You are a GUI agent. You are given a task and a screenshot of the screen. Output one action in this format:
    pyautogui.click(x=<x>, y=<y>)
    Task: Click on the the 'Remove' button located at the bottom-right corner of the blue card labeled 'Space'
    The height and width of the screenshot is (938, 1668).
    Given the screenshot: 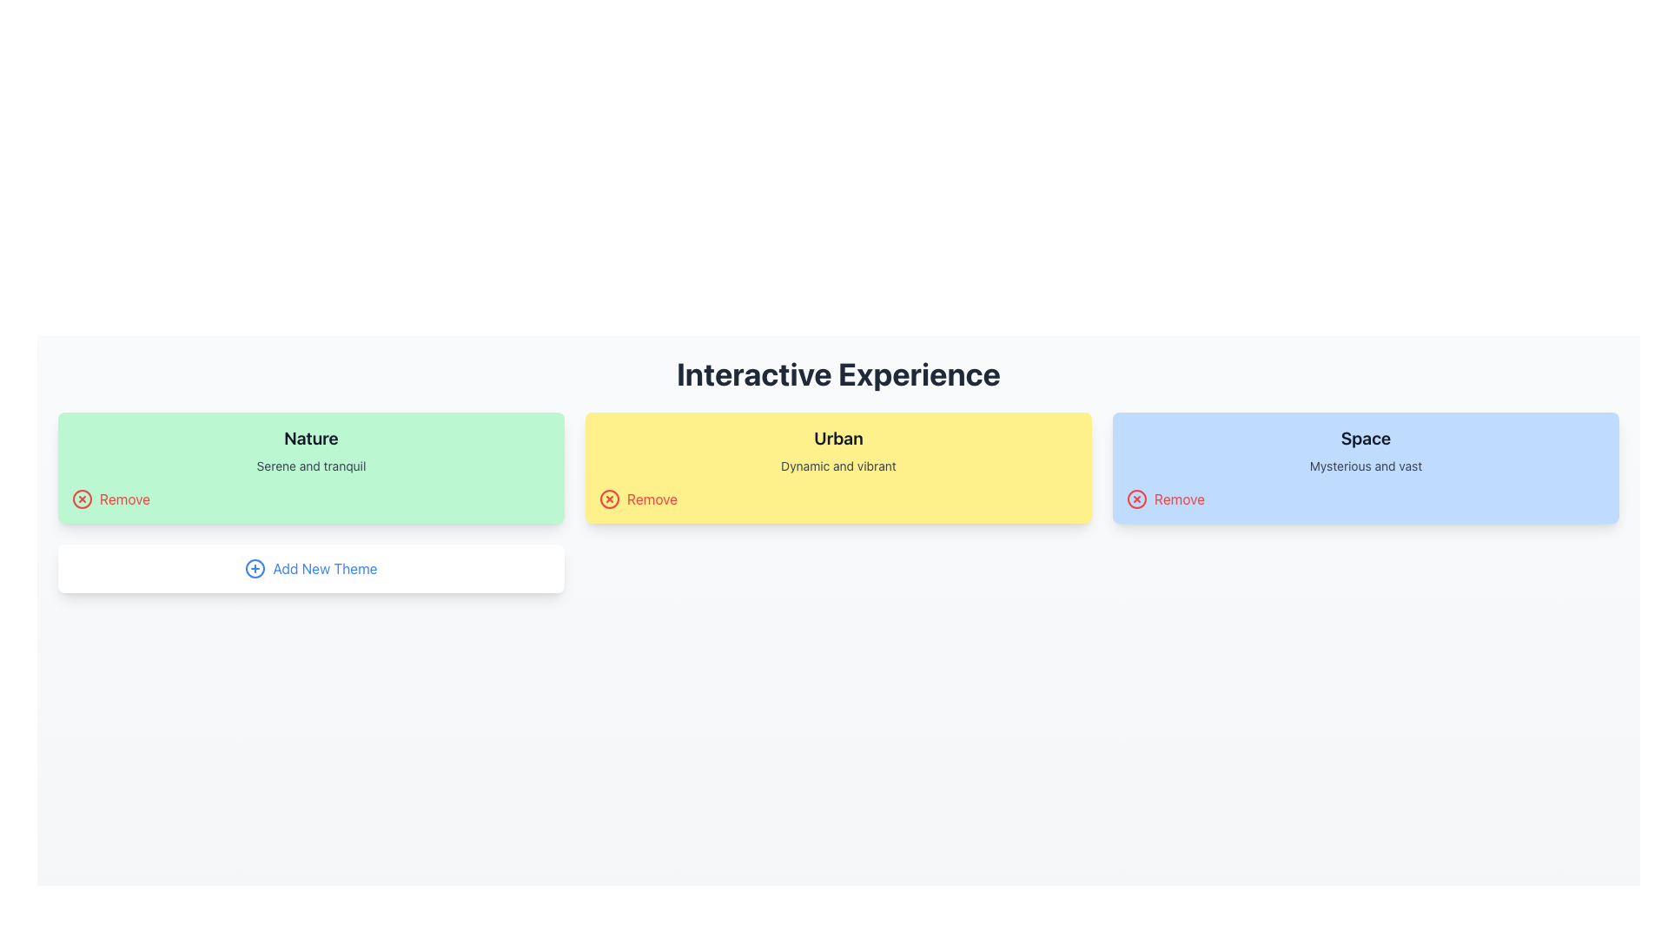 What is the action you would take?
    pyautogui.click(x=1166, y=499)
    